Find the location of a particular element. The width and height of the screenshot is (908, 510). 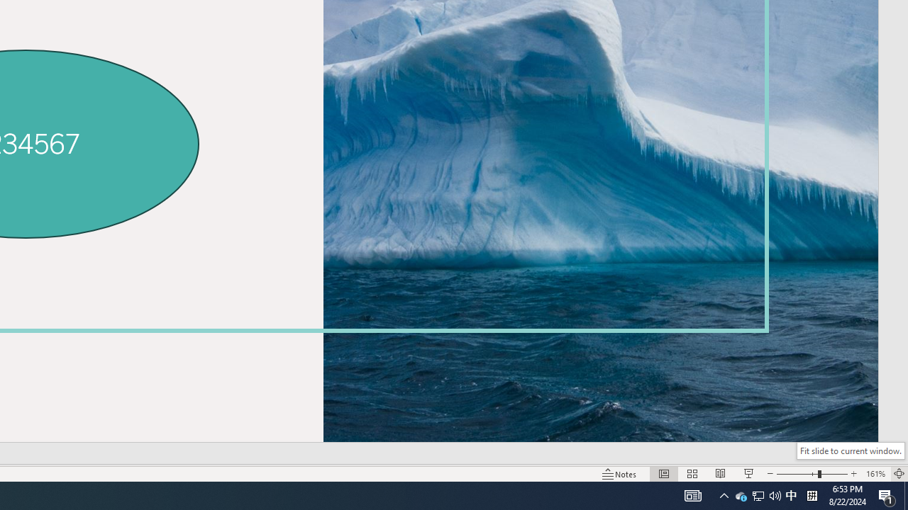

'Normal' is located at coordinates (663, 474).